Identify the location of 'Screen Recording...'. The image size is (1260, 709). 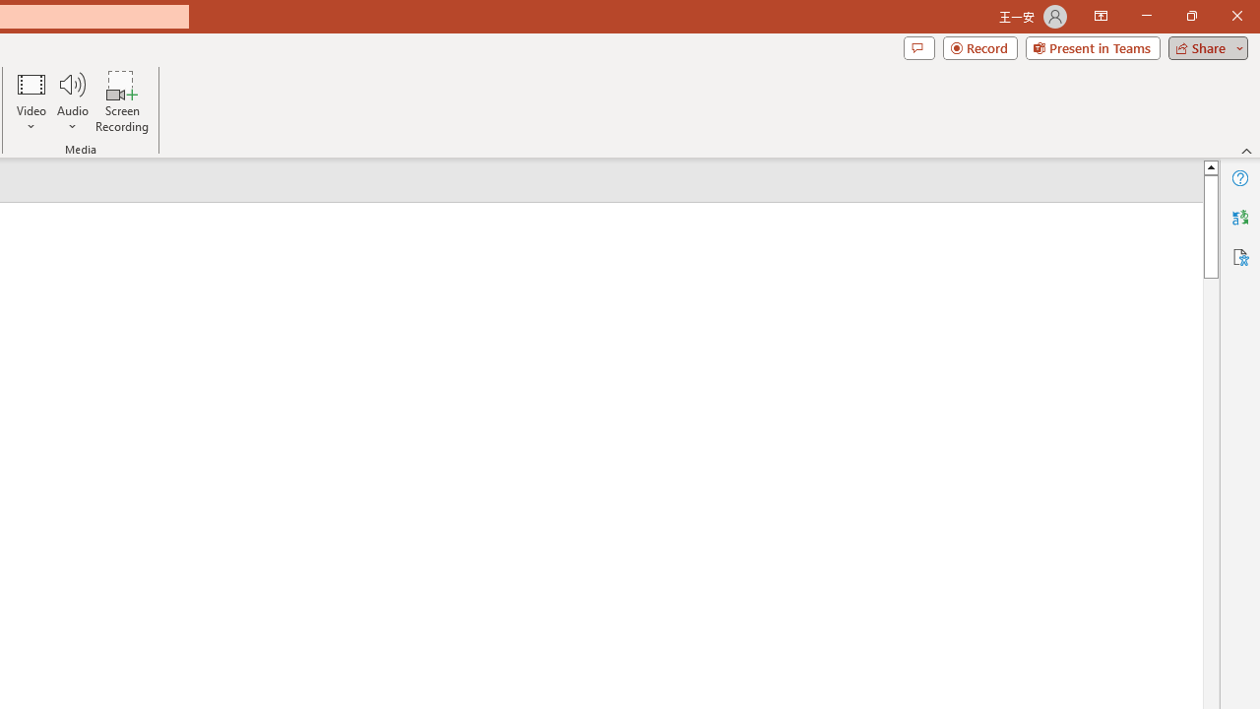
(121, 101).